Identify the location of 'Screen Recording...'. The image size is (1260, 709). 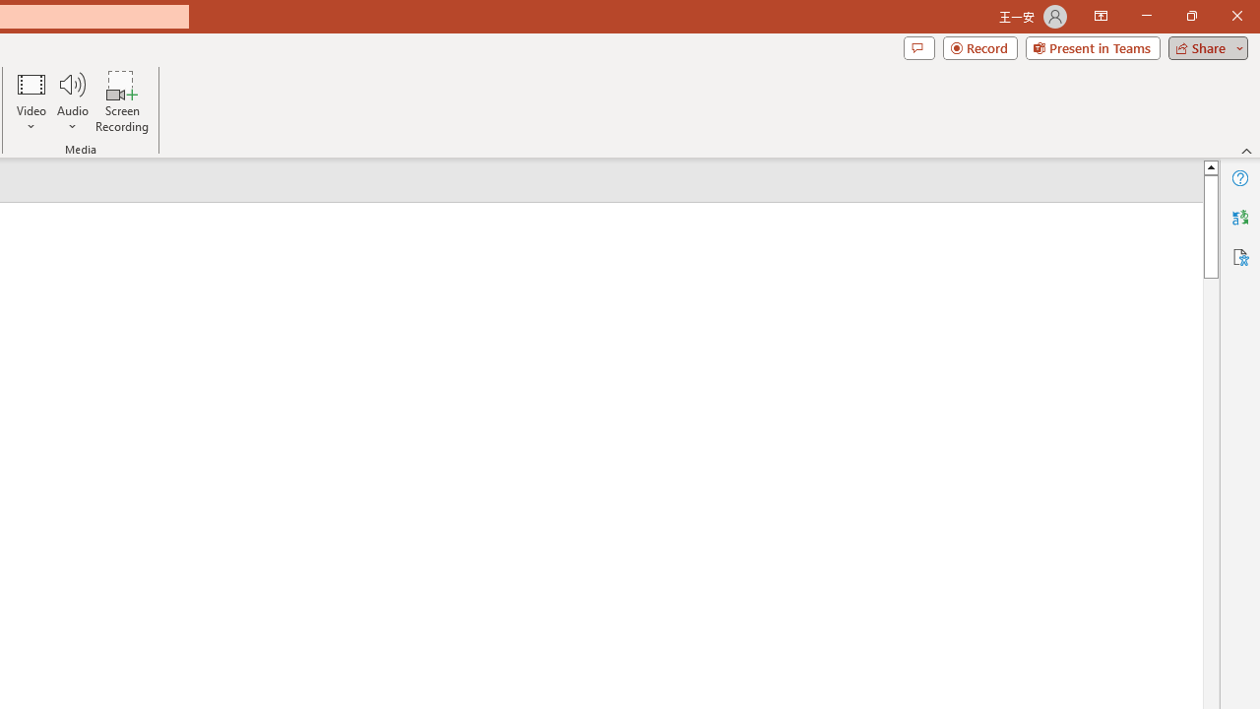
(121, 101).